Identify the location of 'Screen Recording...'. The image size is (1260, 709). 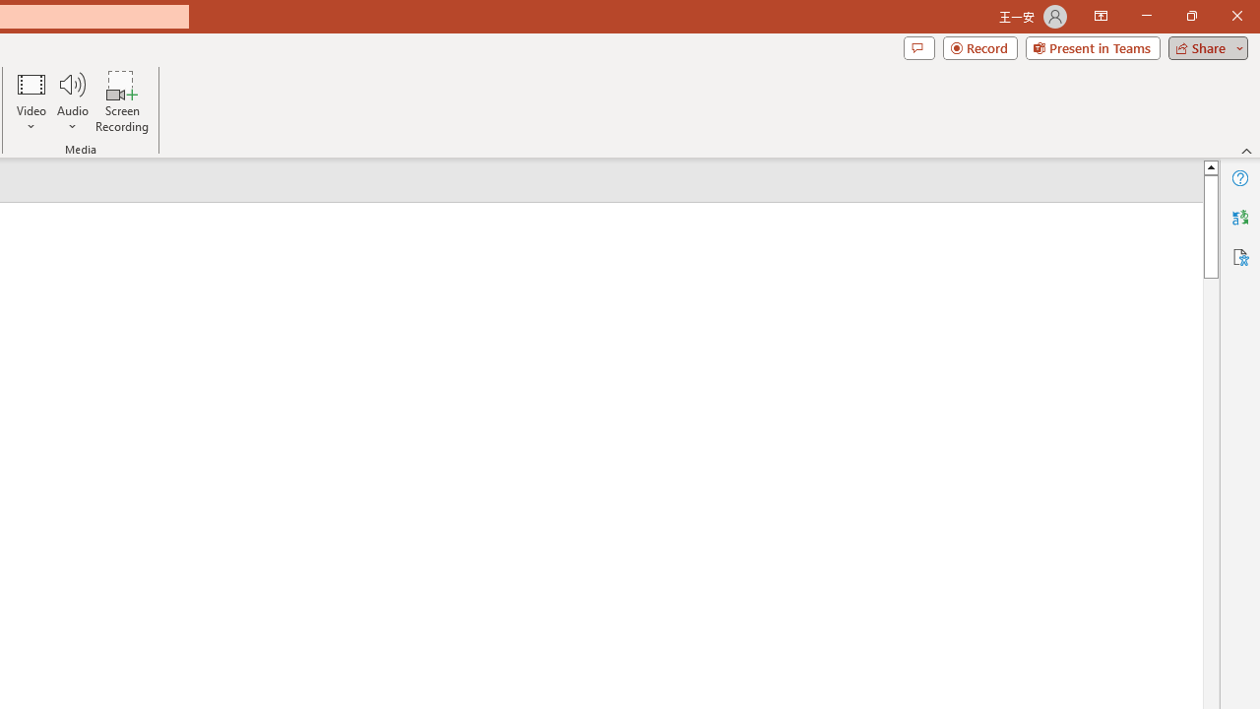
(121, 101).